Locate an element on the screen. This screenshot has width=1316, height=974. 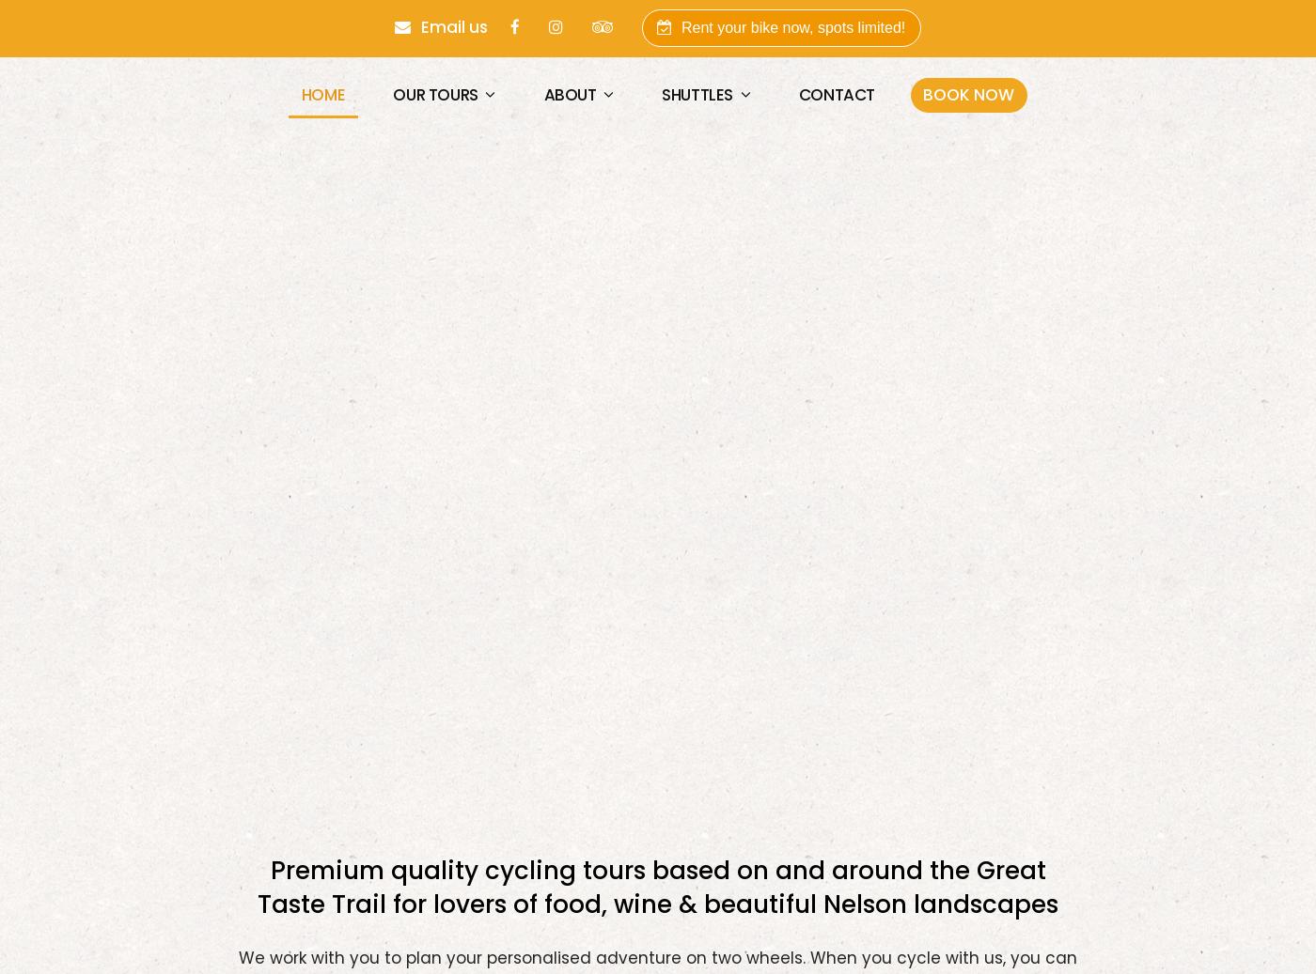
'NELSON, NEW ZEALAND' is located at coordinates (554, 332).